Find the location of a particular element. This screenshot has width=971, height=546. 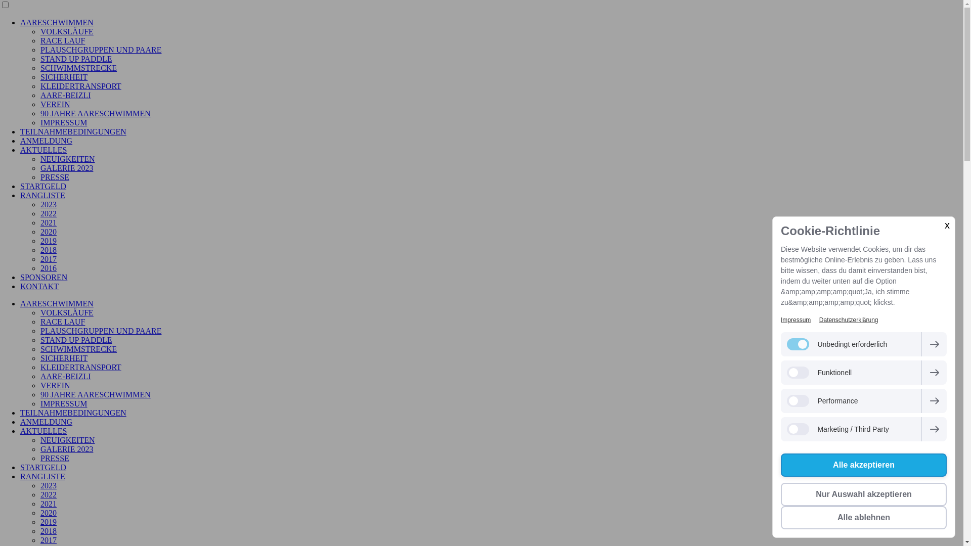

'SICHERHEIT' is located at coordinates (63, 357).